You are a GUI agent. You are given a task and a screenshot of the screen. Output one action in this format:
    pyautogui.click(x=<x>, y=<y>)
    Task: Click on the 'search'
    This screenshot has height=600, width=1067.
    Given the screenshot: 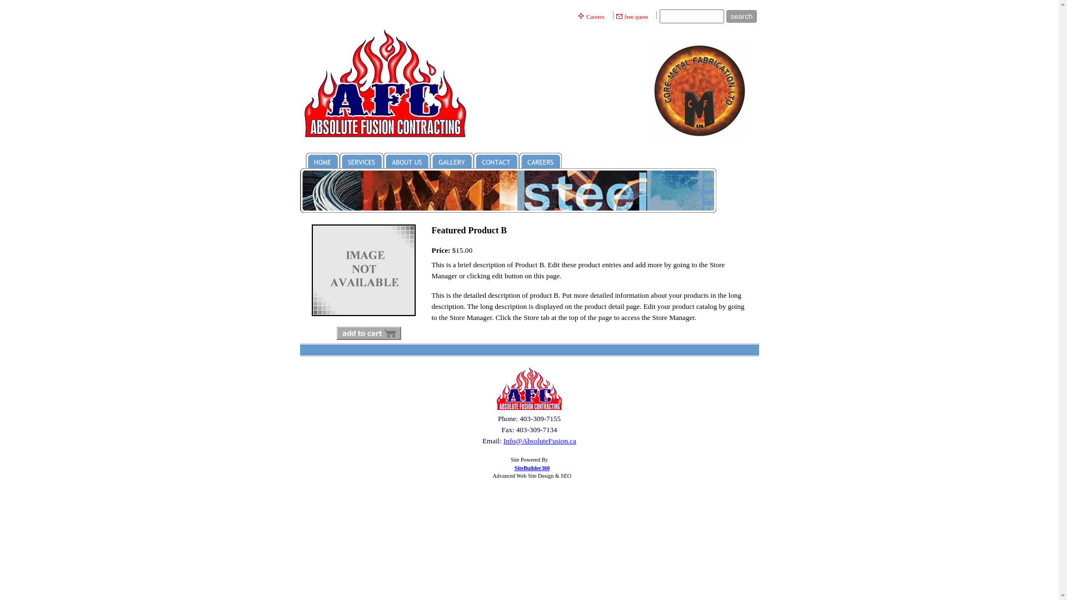 What is the action you would take?
    pyautogui.click(x=741, y=16)
    